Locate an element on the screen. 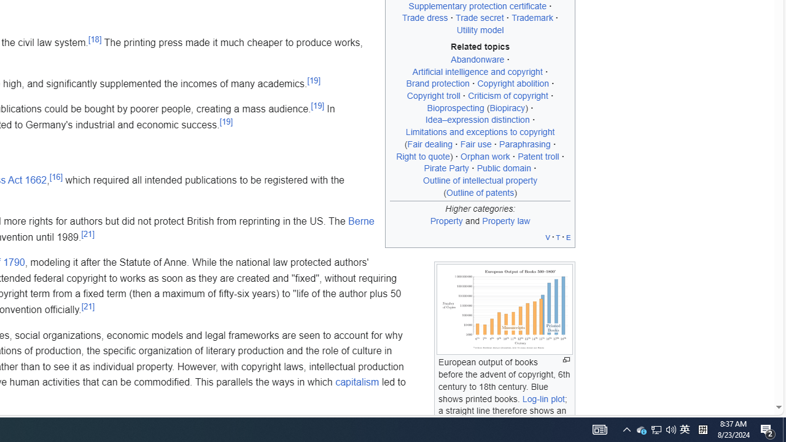 Image resolution: width=786 pixels, height=442 pixels. 'Bioprospecting' is located at coordinates (454, 107).